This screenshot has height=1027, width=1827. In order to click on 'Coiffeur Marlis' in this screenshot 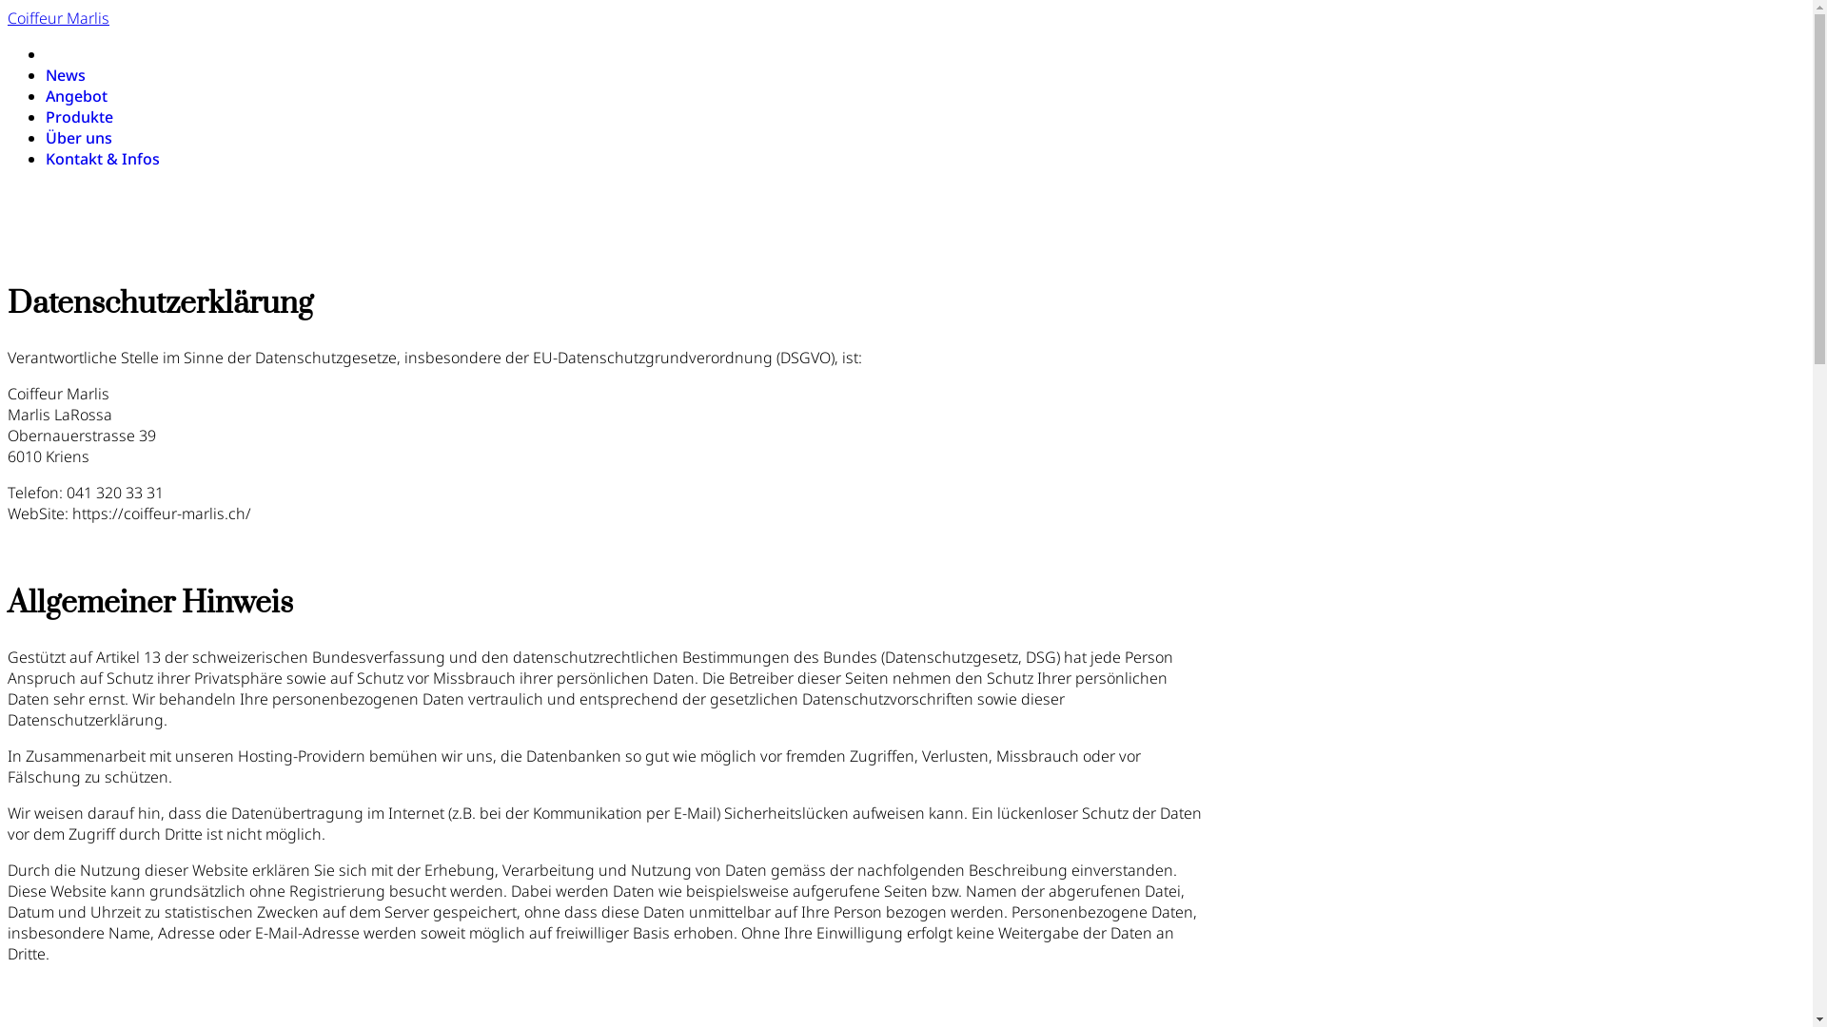, I will do `click(58, 18)`.